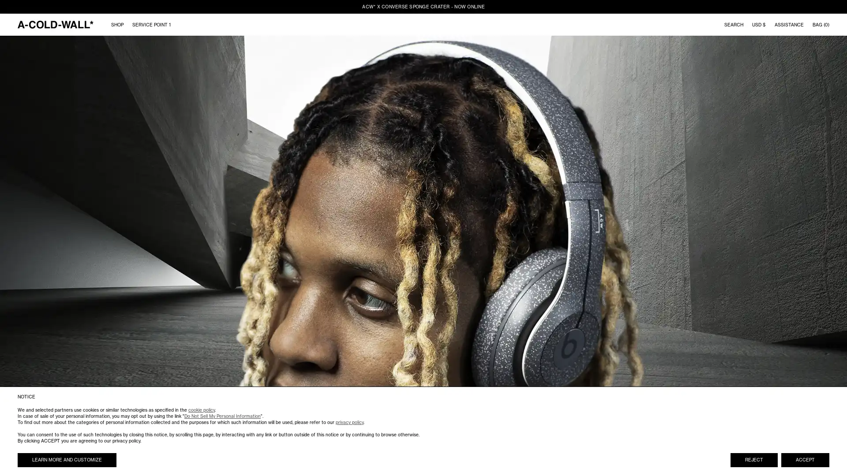 The width and height of the screenshot is (847, 476). I want to click on REJECT, so click(753, 460).